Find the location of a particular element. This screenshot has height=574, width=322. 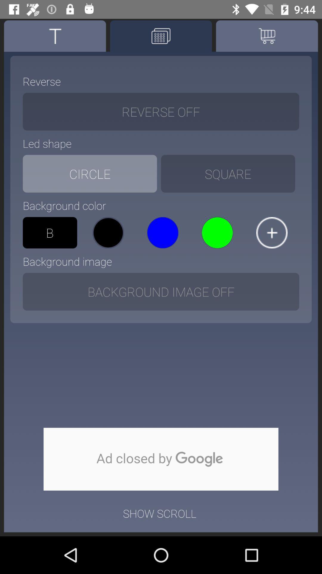

shows advertisement closed by google option is located at coordinates (161, 459).